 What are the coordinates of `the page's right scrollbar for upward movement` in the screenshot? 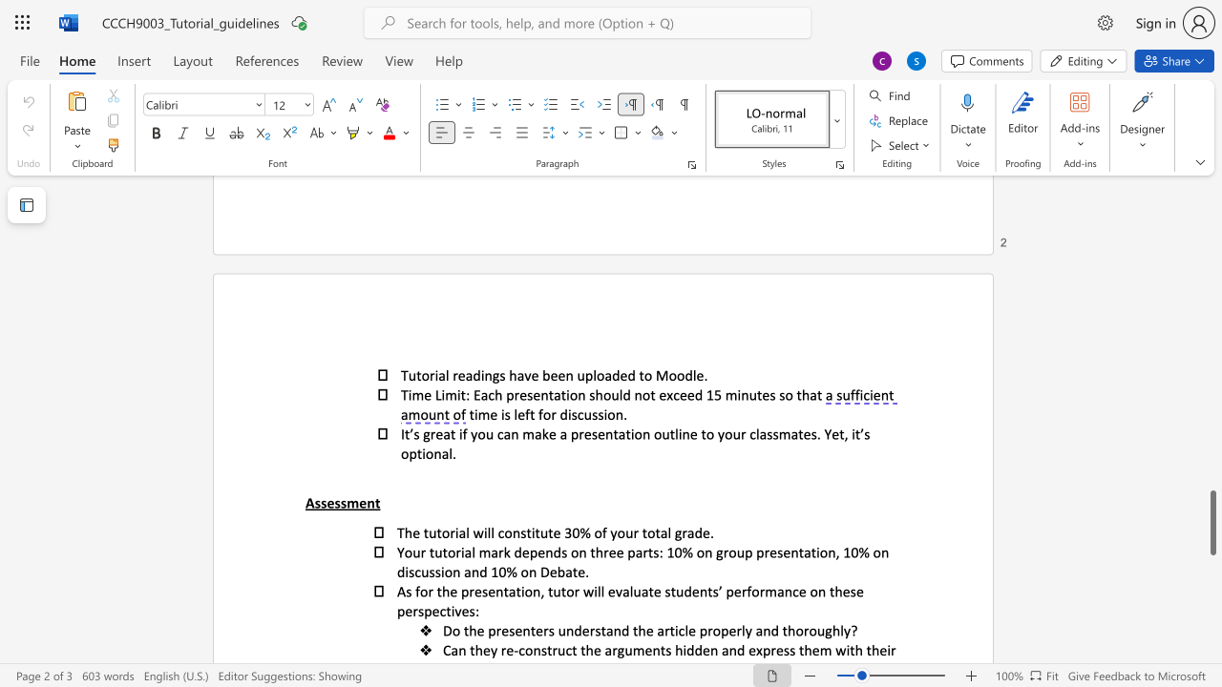 It's located at (1211, 313).